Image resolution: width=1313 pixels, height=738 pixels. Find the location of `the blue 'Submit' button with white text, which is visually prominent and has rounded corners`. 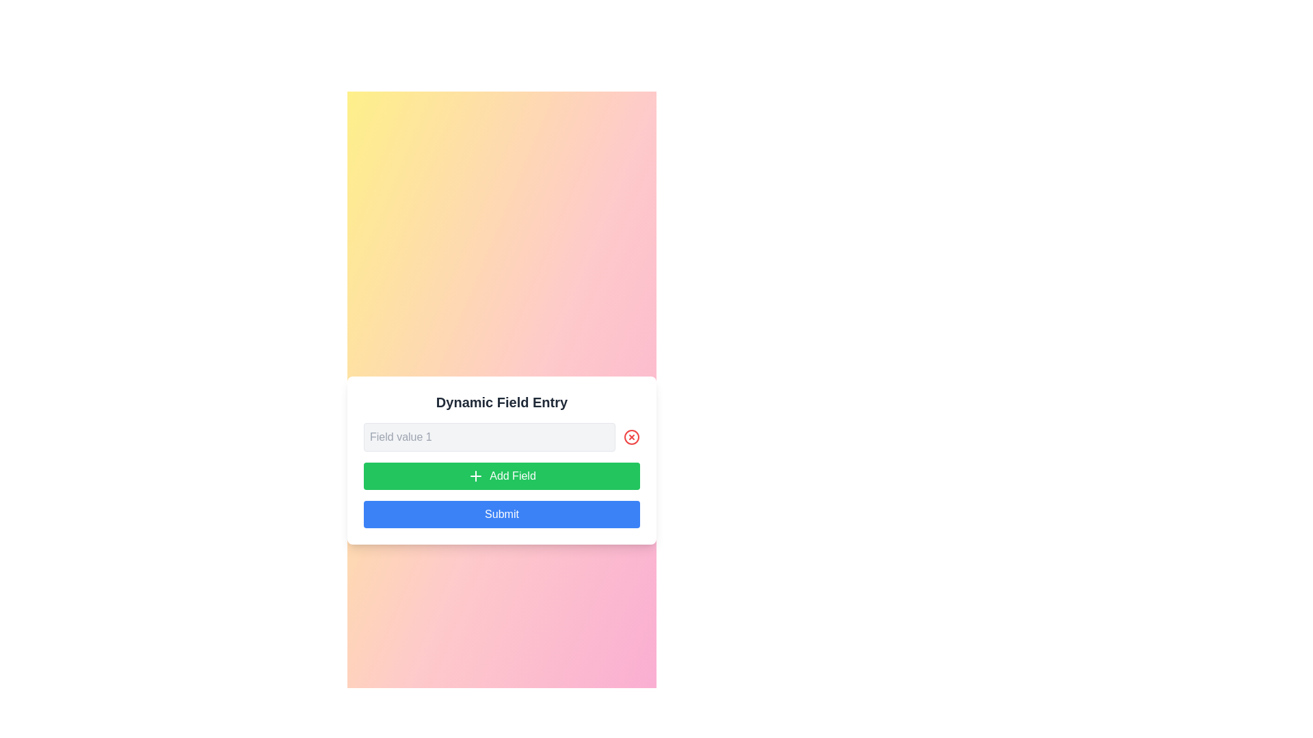

the blue 'Submit' button with white text, which is visually prominent and has rounded corners is located at coordinates (501, 514).